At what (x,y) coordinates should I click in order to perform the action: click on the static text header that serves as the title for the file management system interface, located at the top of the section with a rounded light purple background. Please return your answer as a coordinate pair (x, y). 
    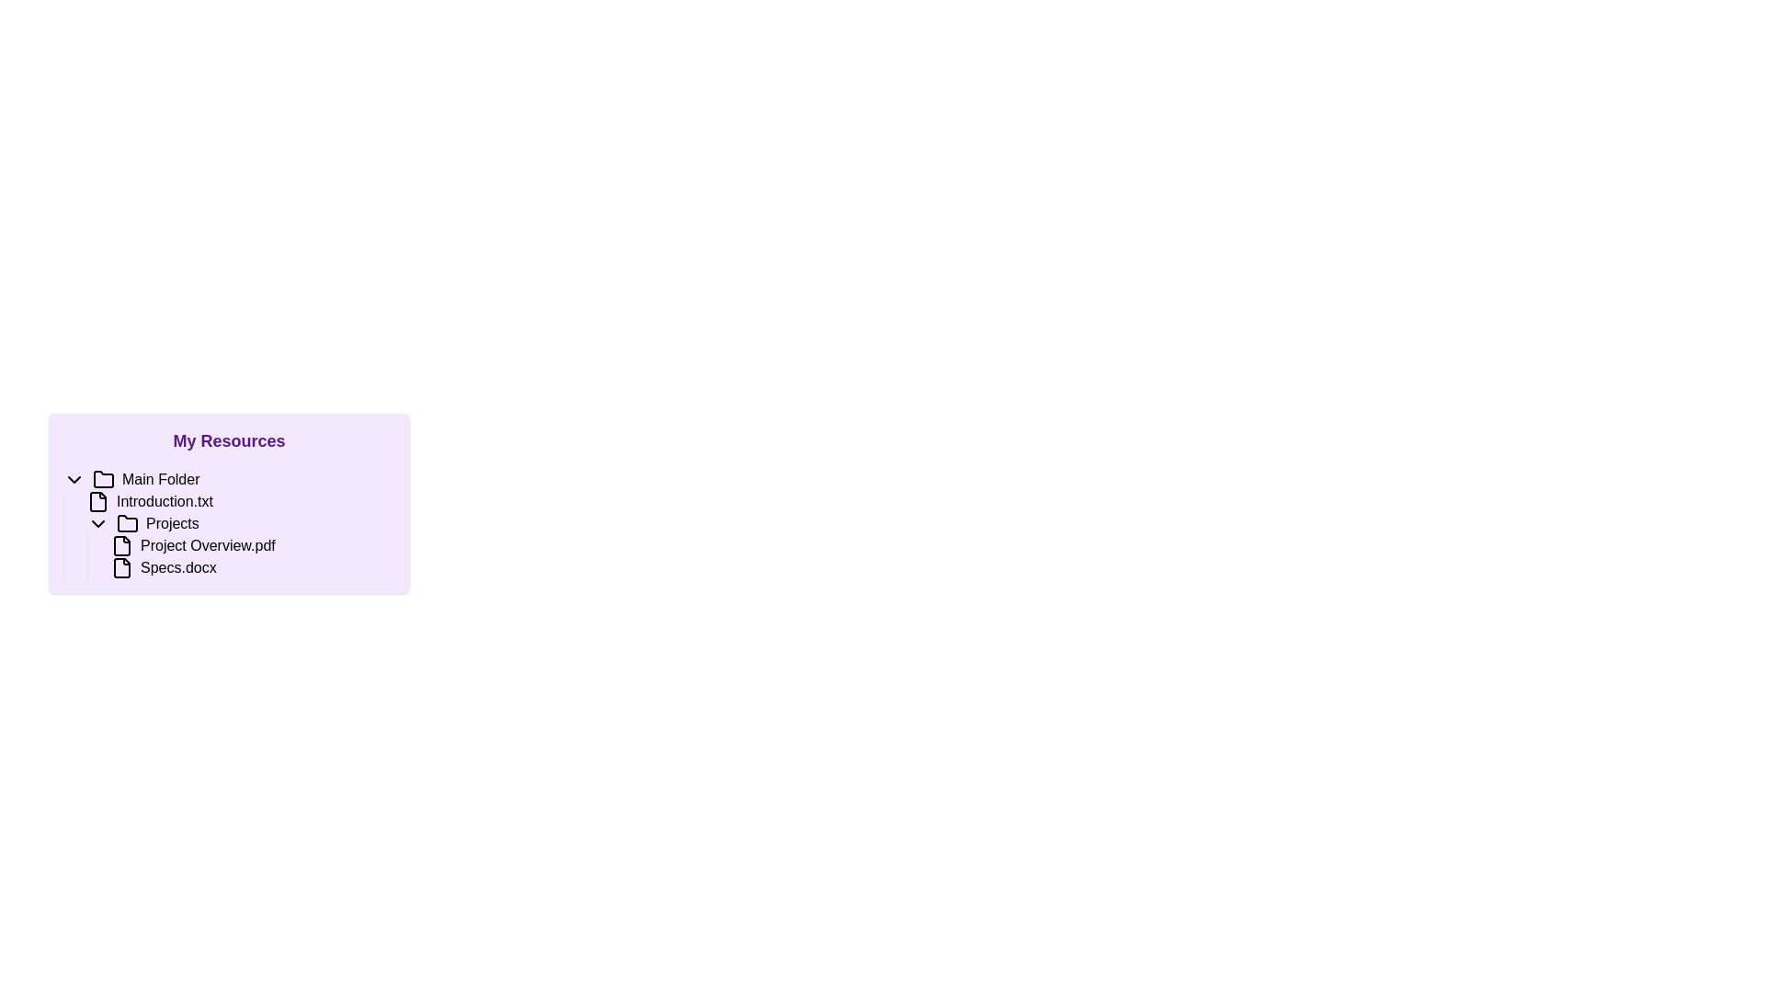
    Looking at the image, I should click on (228, 440).